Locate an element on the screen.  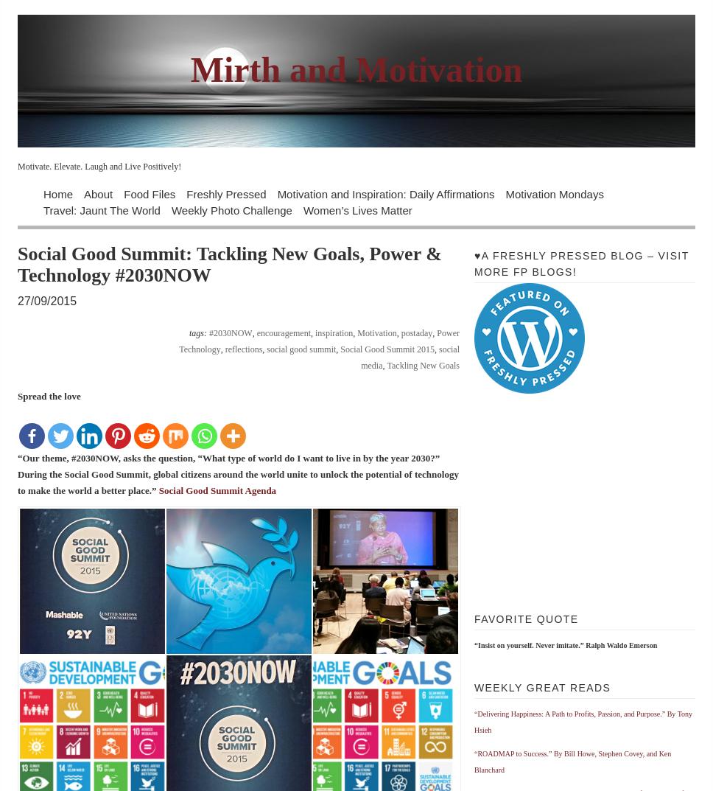
'Motivation' is located at coordinates (376, 332).